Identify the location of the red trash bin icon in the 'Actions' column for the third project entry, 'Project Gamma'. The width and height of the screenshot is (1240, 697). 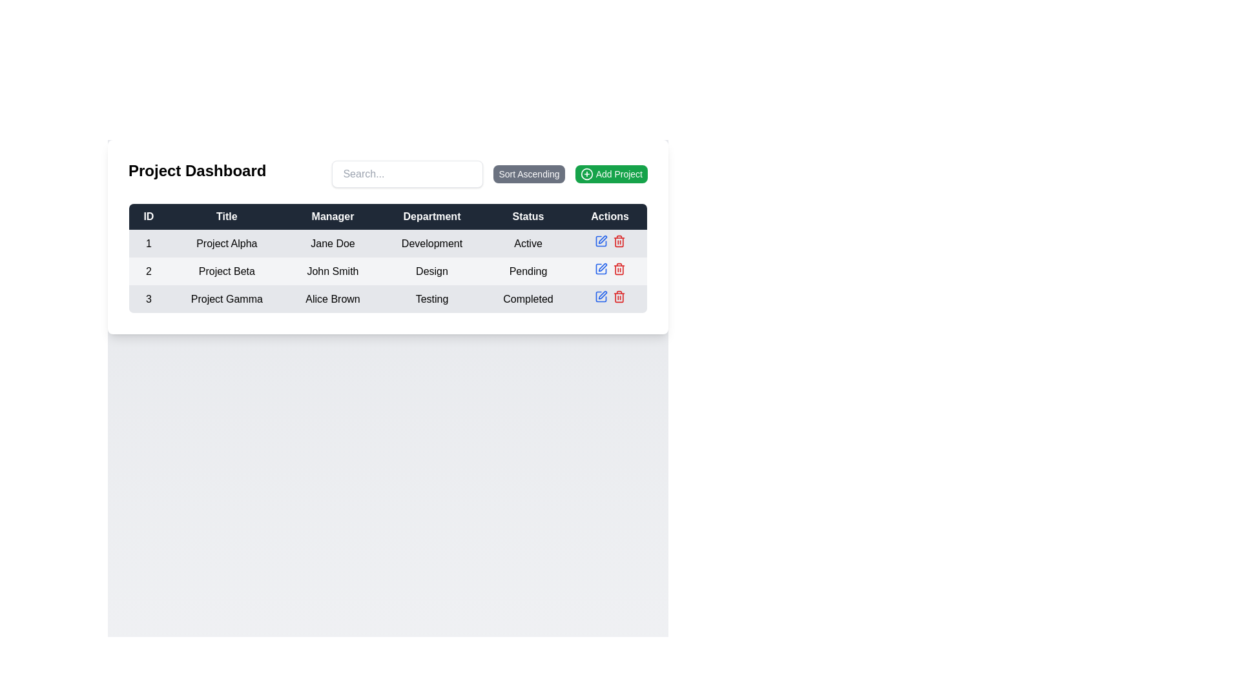
(618, 296).